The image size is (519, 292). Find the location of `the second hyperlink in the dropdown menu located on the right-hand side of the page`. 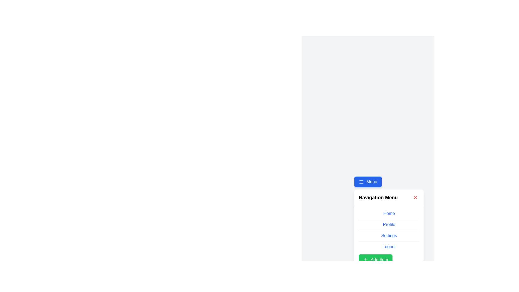

the second hyperlink in the dropdown menu located on the right-hand side of the page is located at coordinates (389, 227).